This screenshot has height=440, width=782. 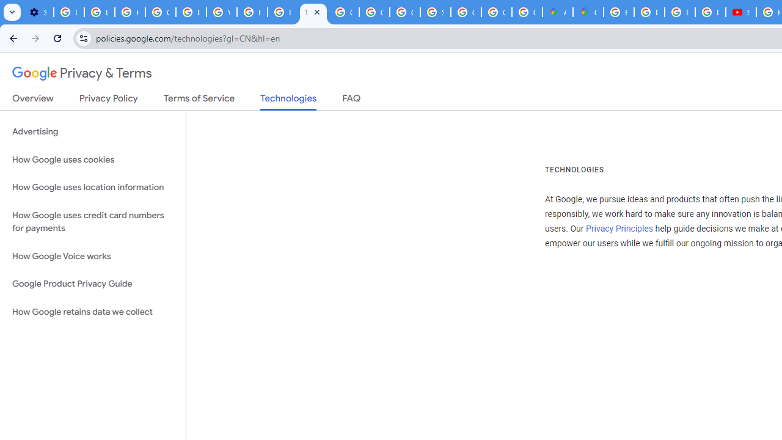 I want to click on 'YouTube', so click(x=221, y=12).